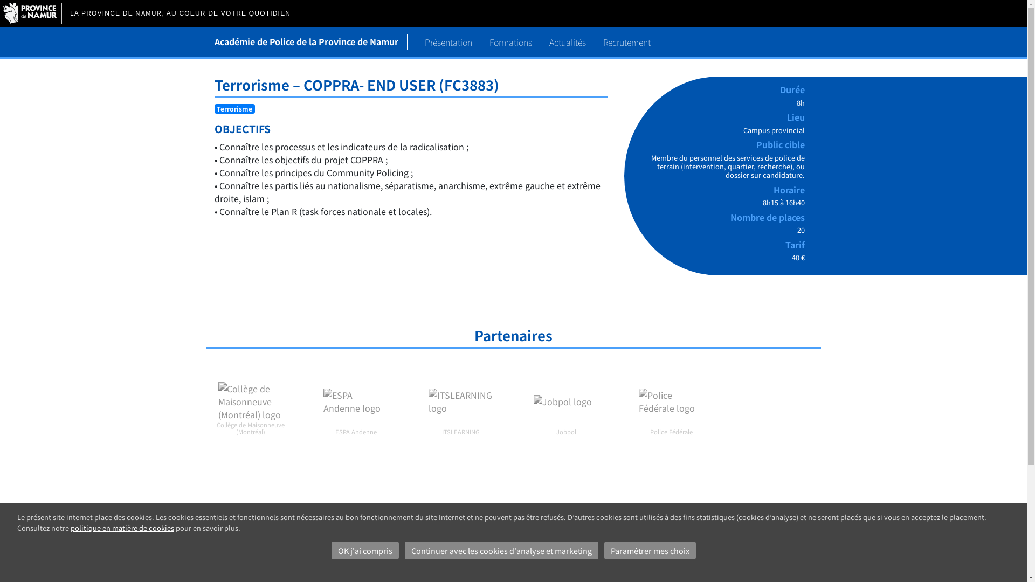  I want to click on 'Terrorisme', so click(216, 108).